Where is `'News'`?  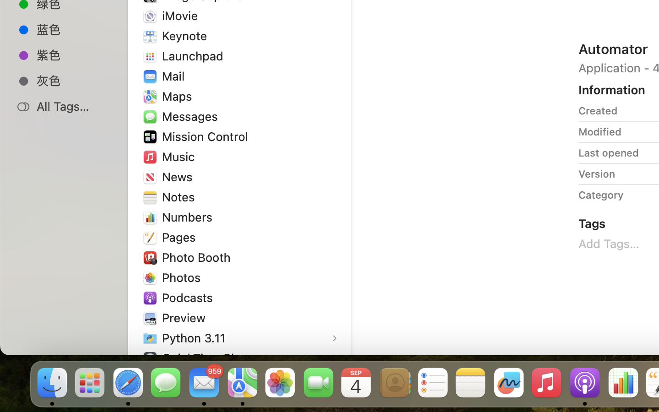
'News' is located at coordinates (178, 177).